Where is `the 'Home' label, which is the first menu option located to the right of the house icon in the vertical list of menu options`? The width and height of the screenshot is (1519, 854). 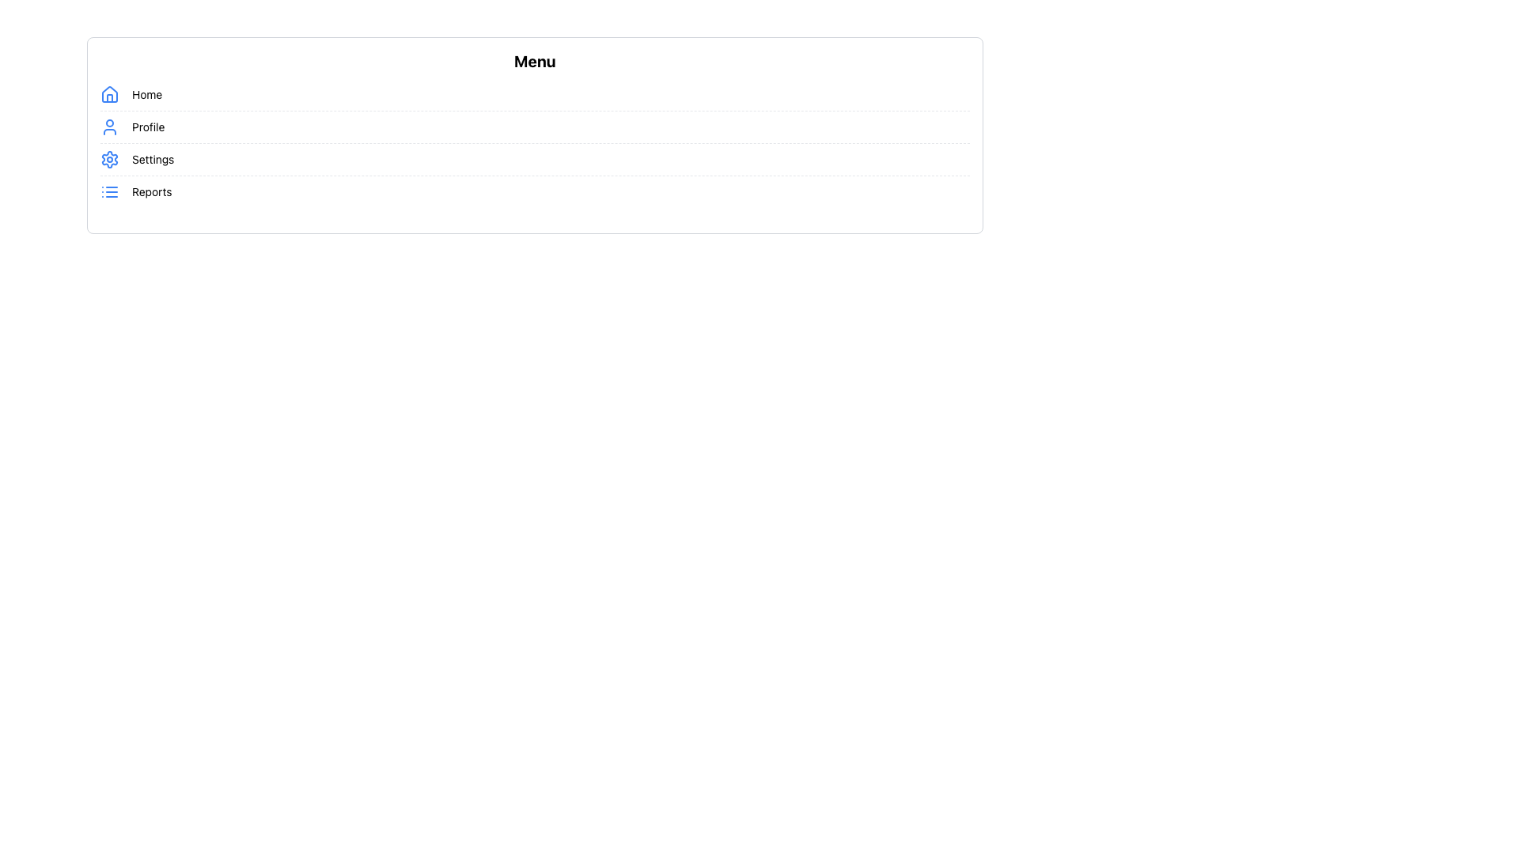 the 'Home' label, which is the first menu option located to the right of the house icon in the vertical list of menu options is located at coordinates (147, 94).